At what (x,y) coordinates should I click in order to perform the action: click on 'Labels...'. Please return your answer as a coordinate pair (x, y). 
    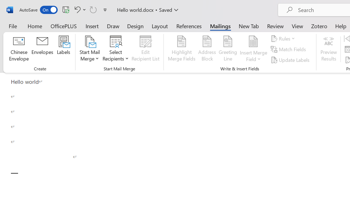
    Looking at the image, I should click on (63, 49).